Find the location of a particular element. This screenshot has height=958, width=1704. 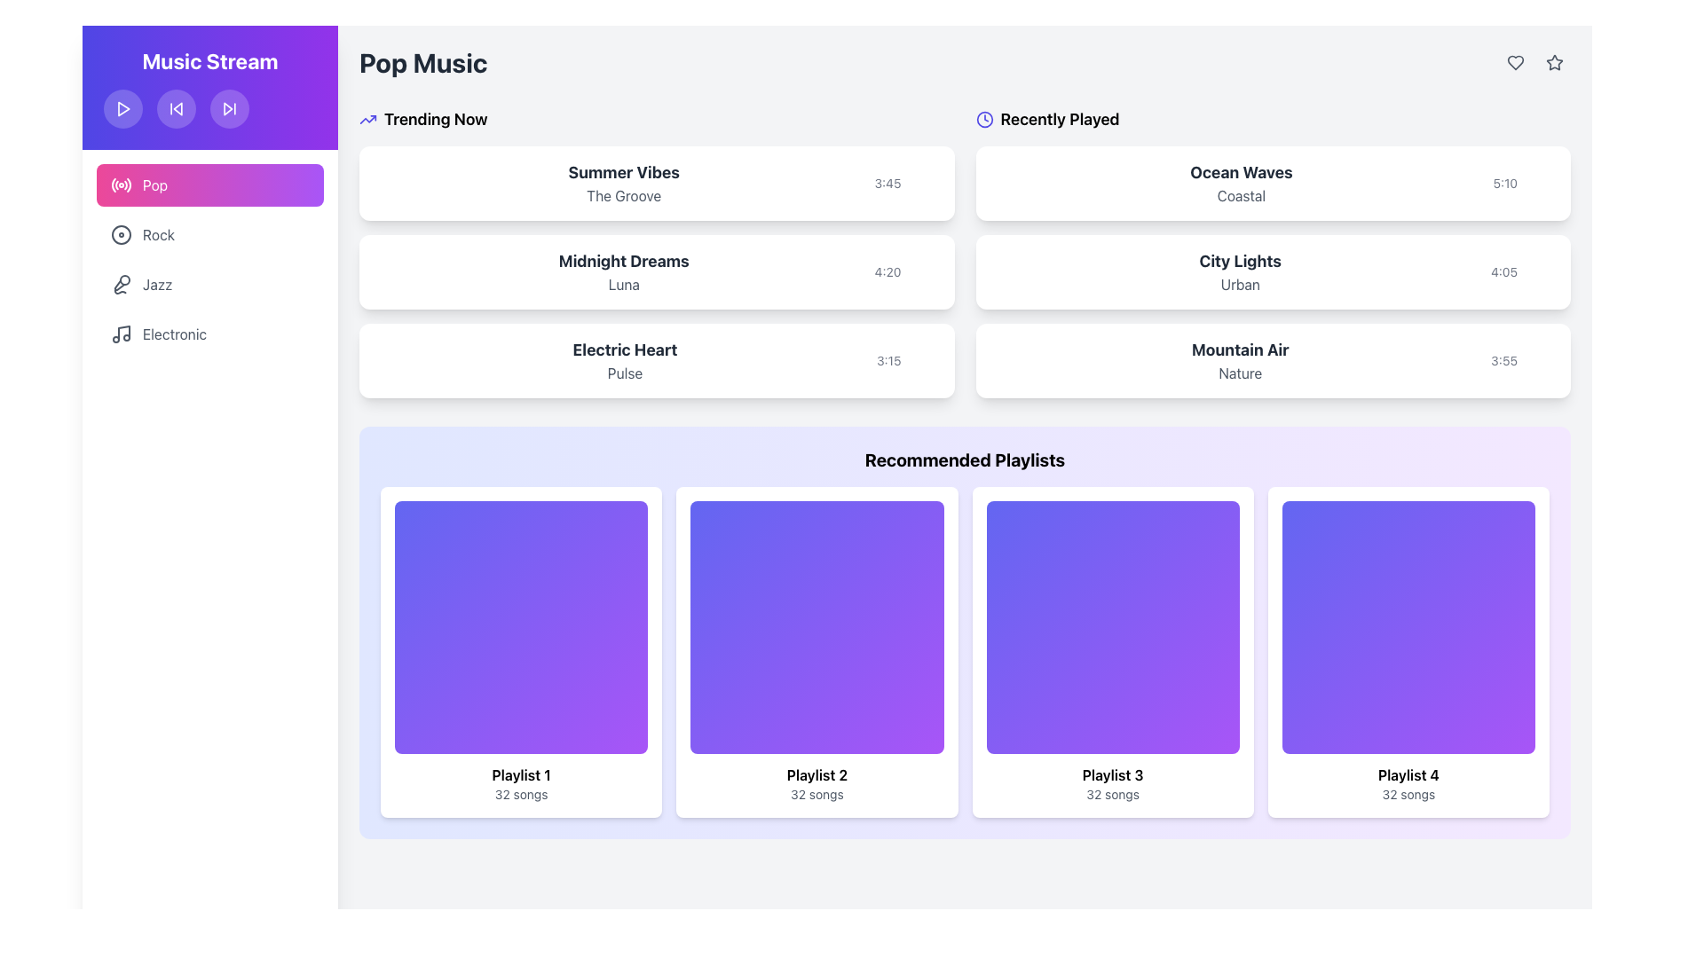

to select the 'Summer Vibes' music card, which is a white rectangular card with rounded corners located in the 'Trending Now' section under 'Pop Music' is located at coordinates (656, 184).